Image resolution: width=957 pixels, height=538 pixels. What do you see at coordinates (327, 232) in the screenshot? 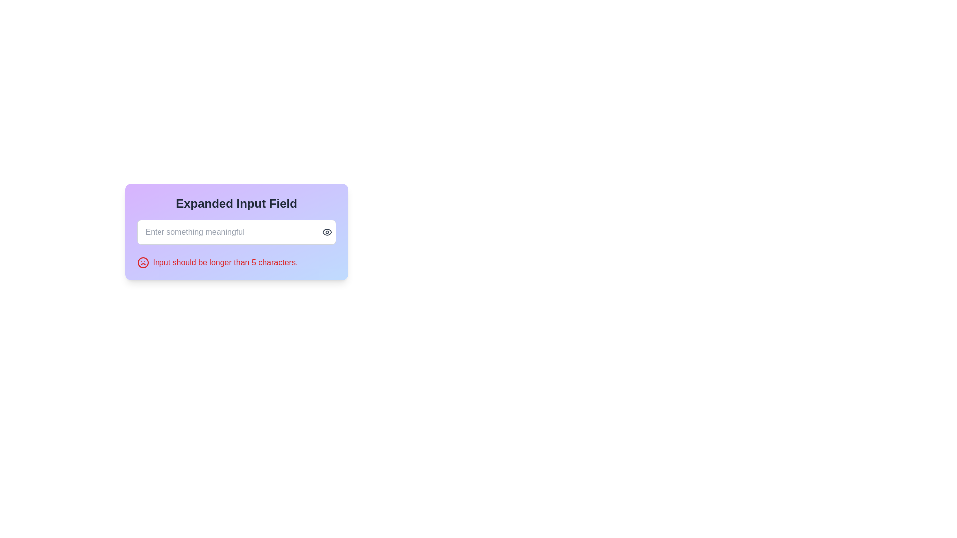
I see `the eye-shaped SVG icon located at the top-right of the text input field labeled 'Enter something meaningful'` at bounding box center [327, 232].